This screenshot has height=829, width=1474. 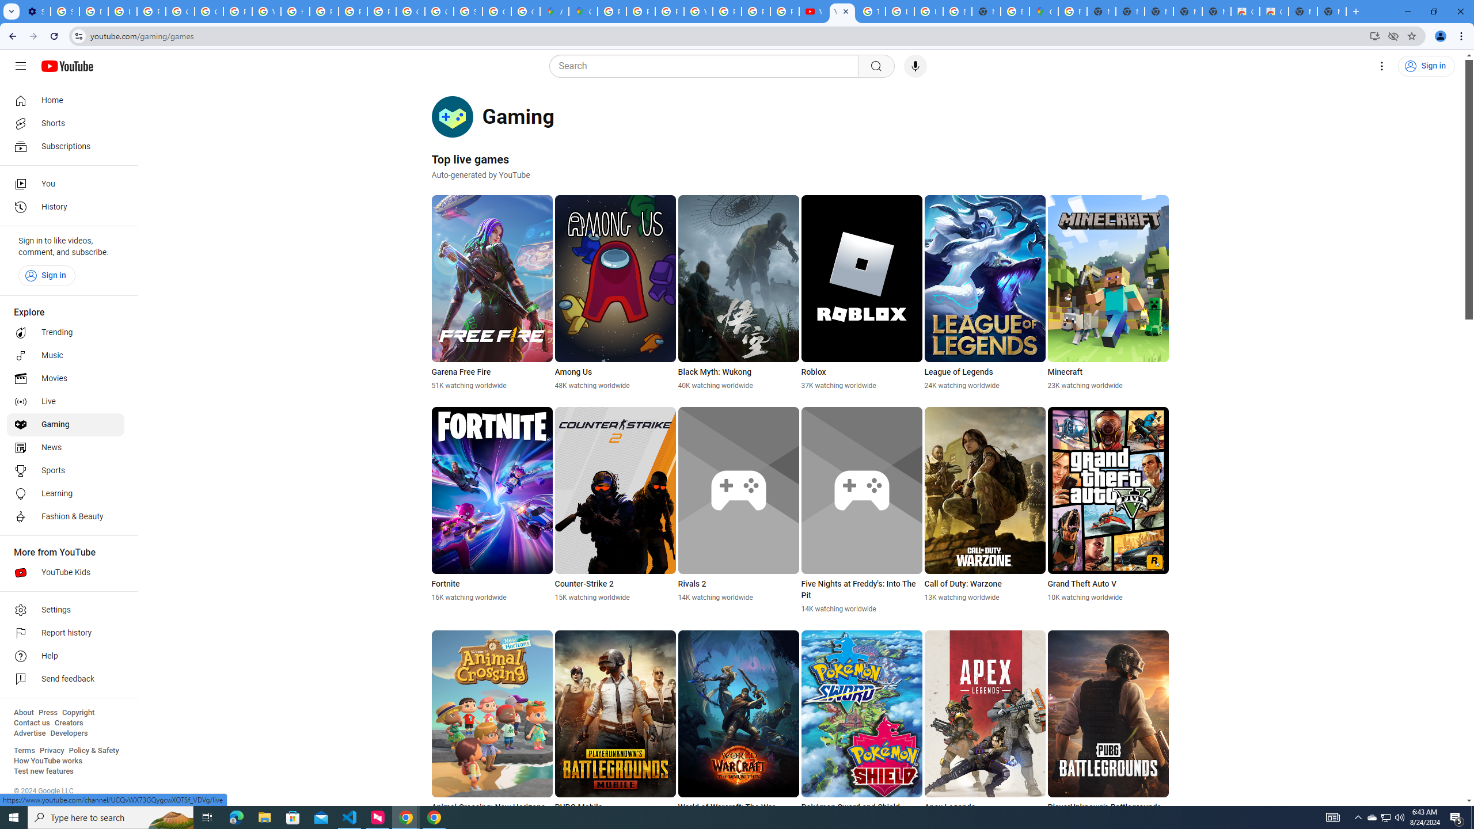 I want to click on 'Policy Accountability and Transparency - Transparency Center', so click(x=612, y=11).